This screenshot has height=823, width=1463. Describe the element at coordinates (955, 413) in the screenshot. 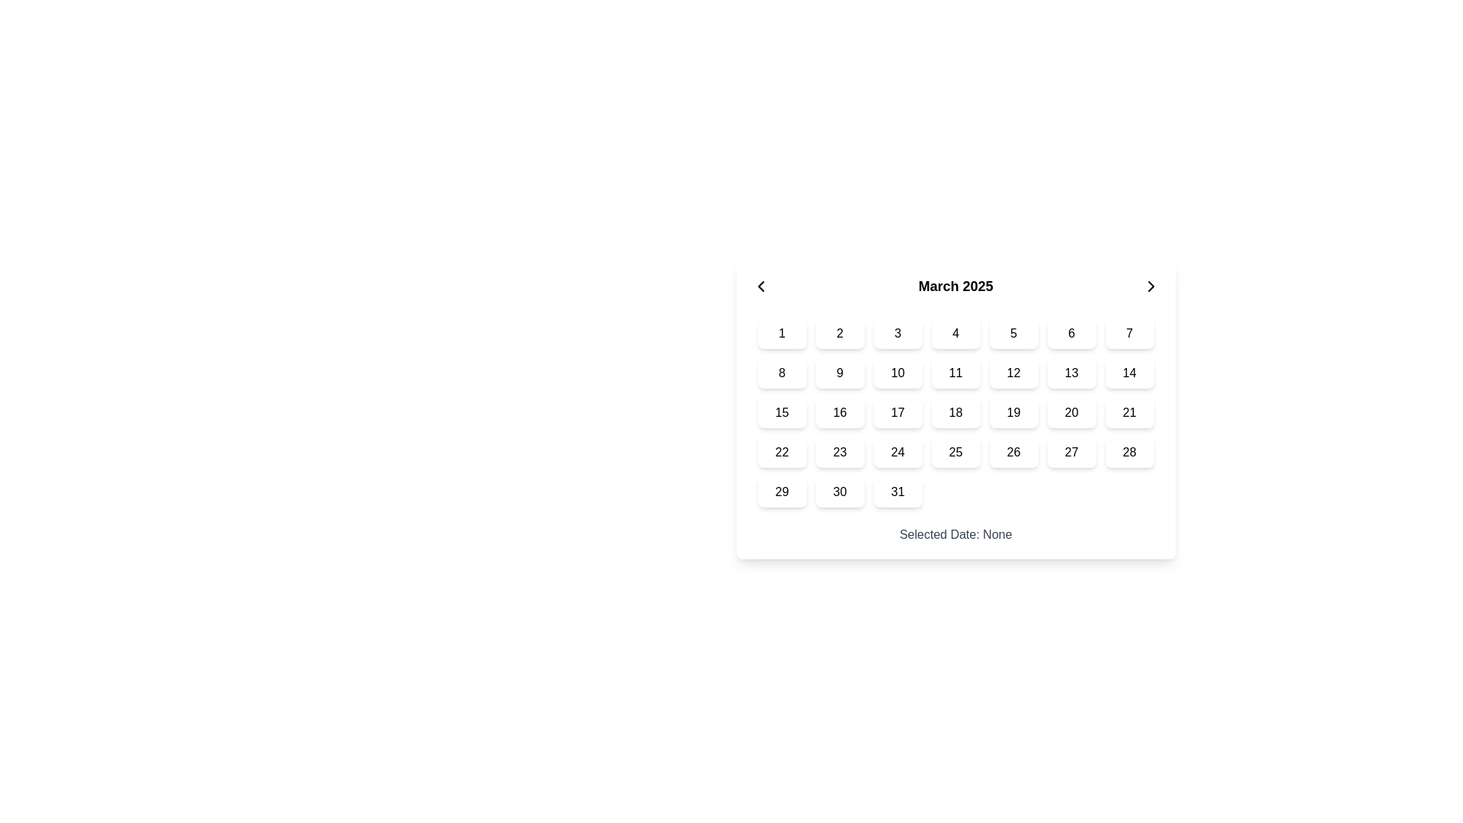

I see `the rounded rectangular button labeled '18' in the calendar grid located in the 3rd row and 4th column` at that location.